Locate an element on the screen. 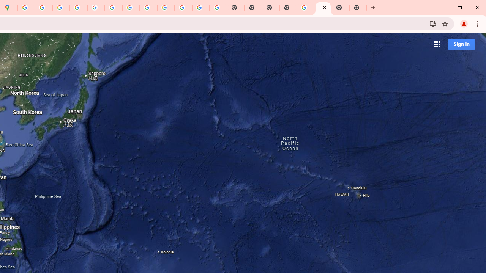  'Privacy Help Center - Policies Help' is located at coordinates (43, 8).